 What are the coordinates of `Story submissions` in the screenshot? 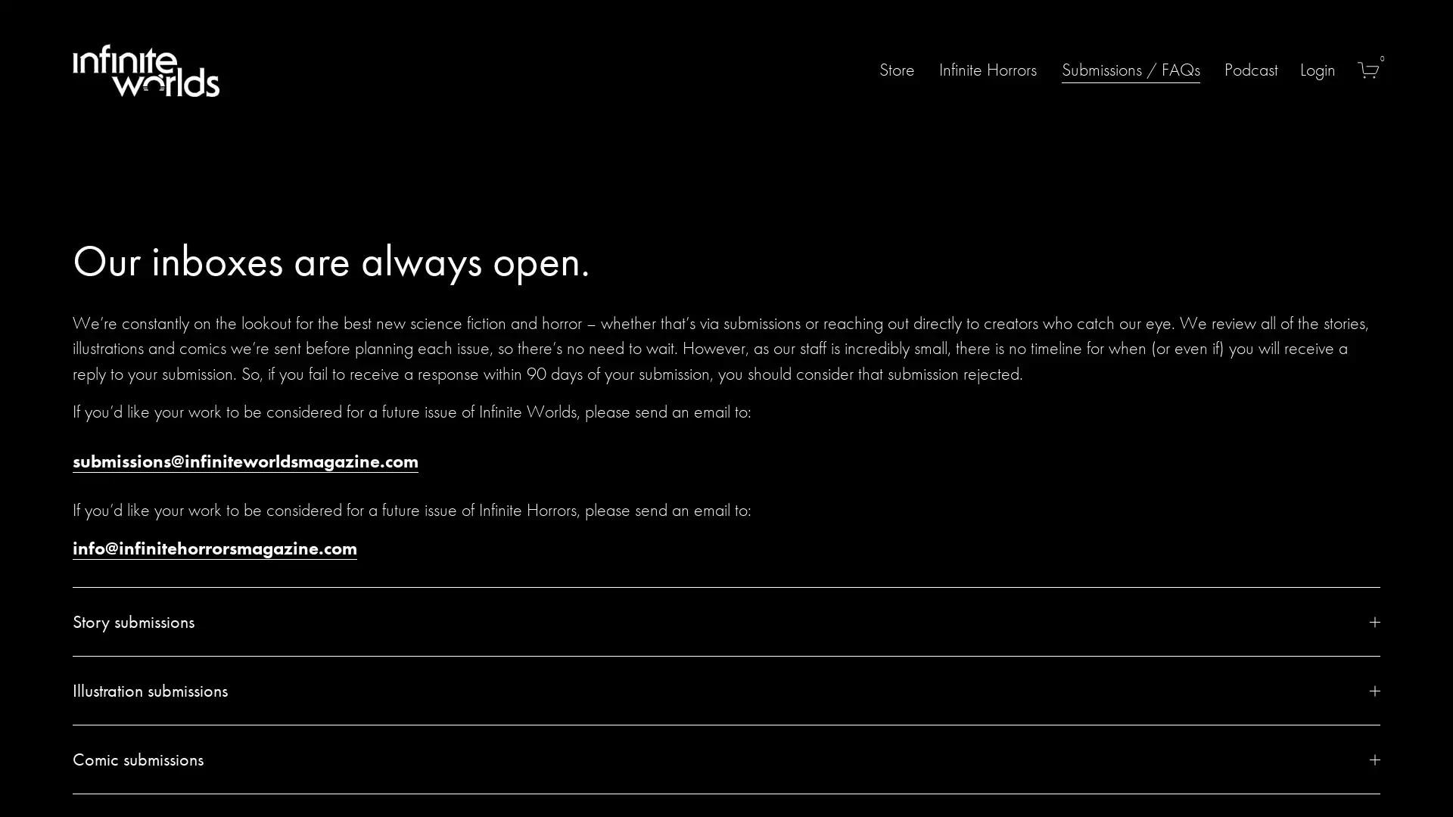 It's located at (726, 621).